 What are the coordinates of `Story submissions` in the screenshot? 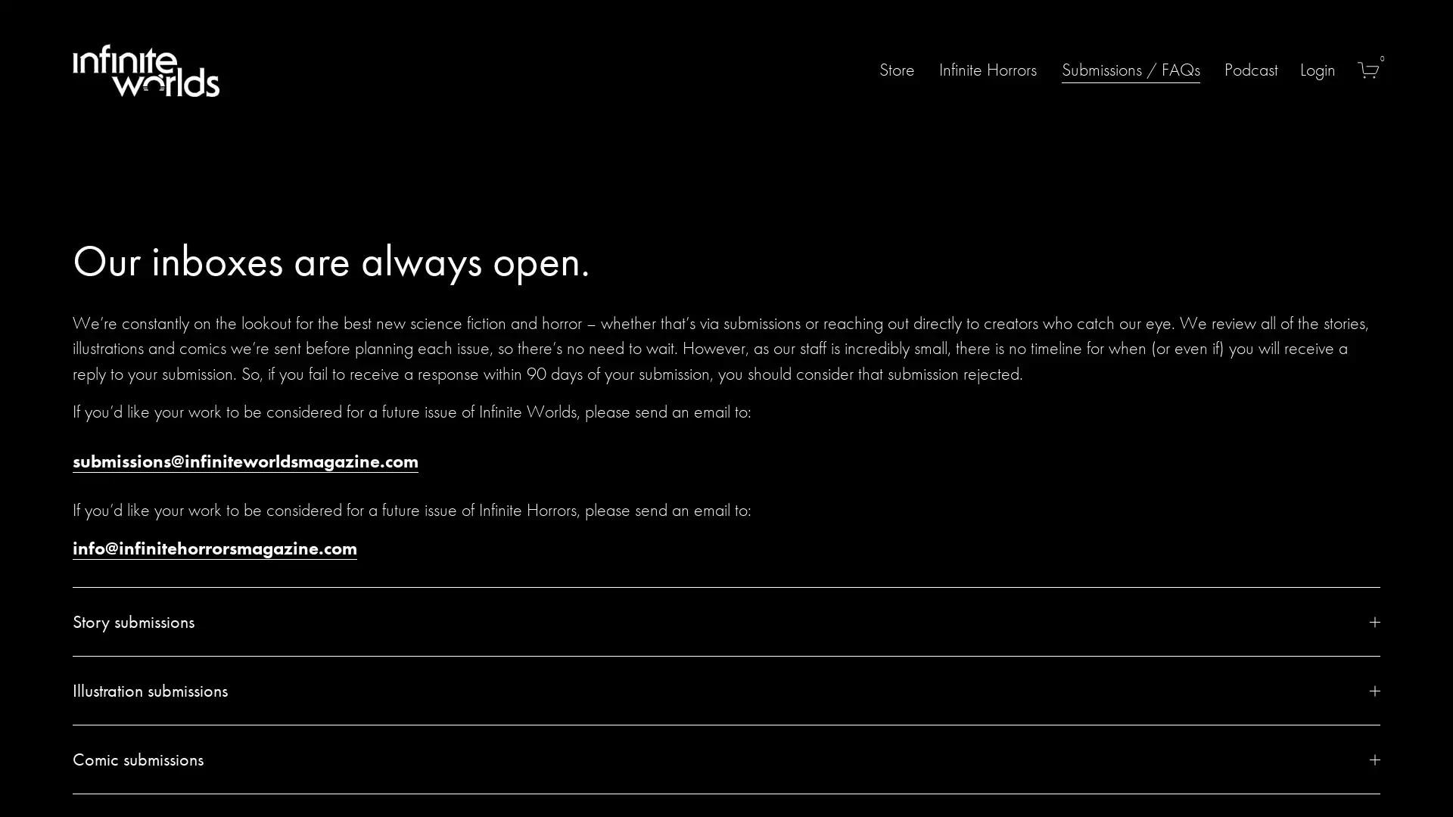 It's located at (726, 621).